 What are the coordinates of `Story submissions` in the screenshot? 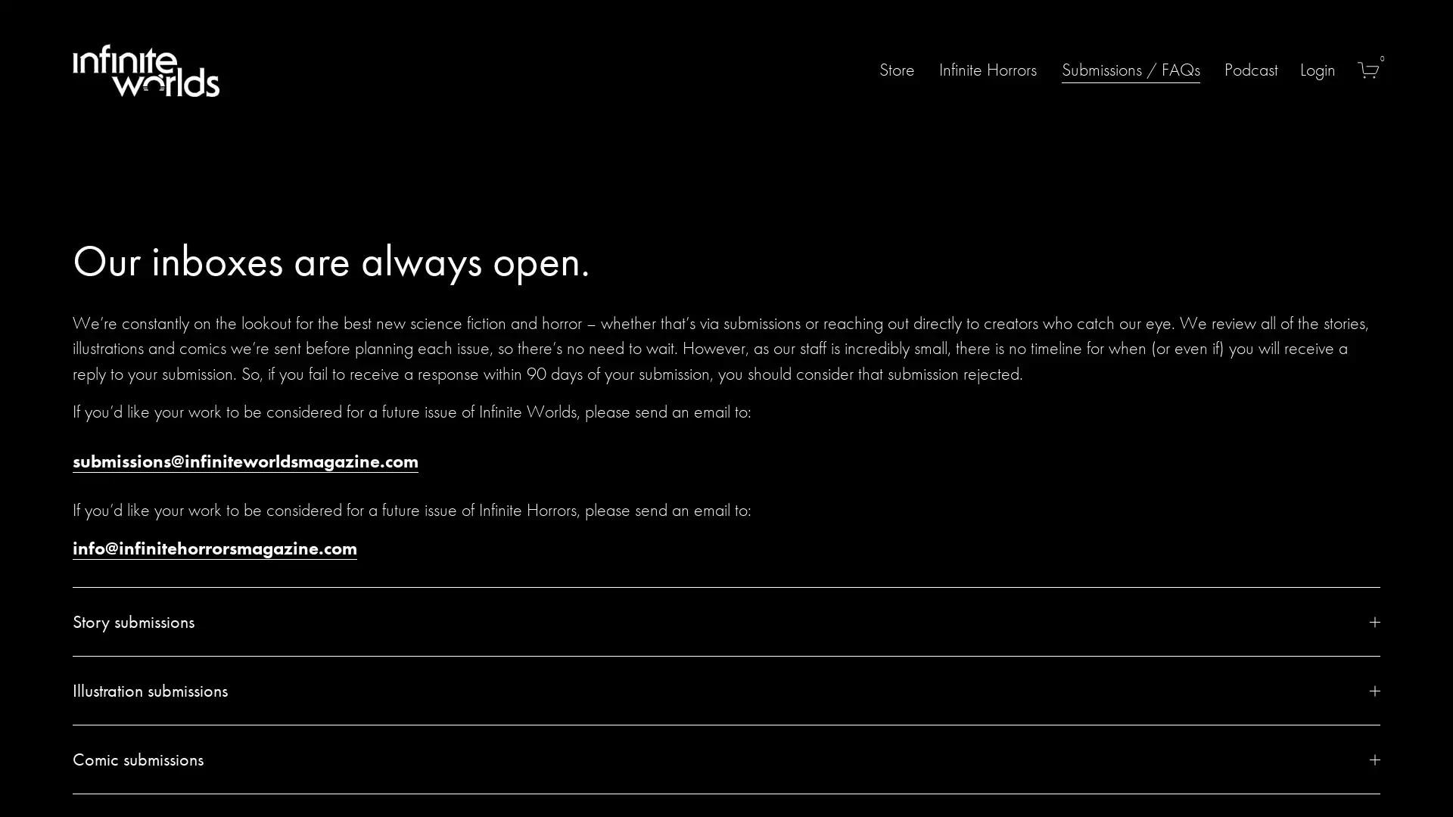 It's located at (726, 621).